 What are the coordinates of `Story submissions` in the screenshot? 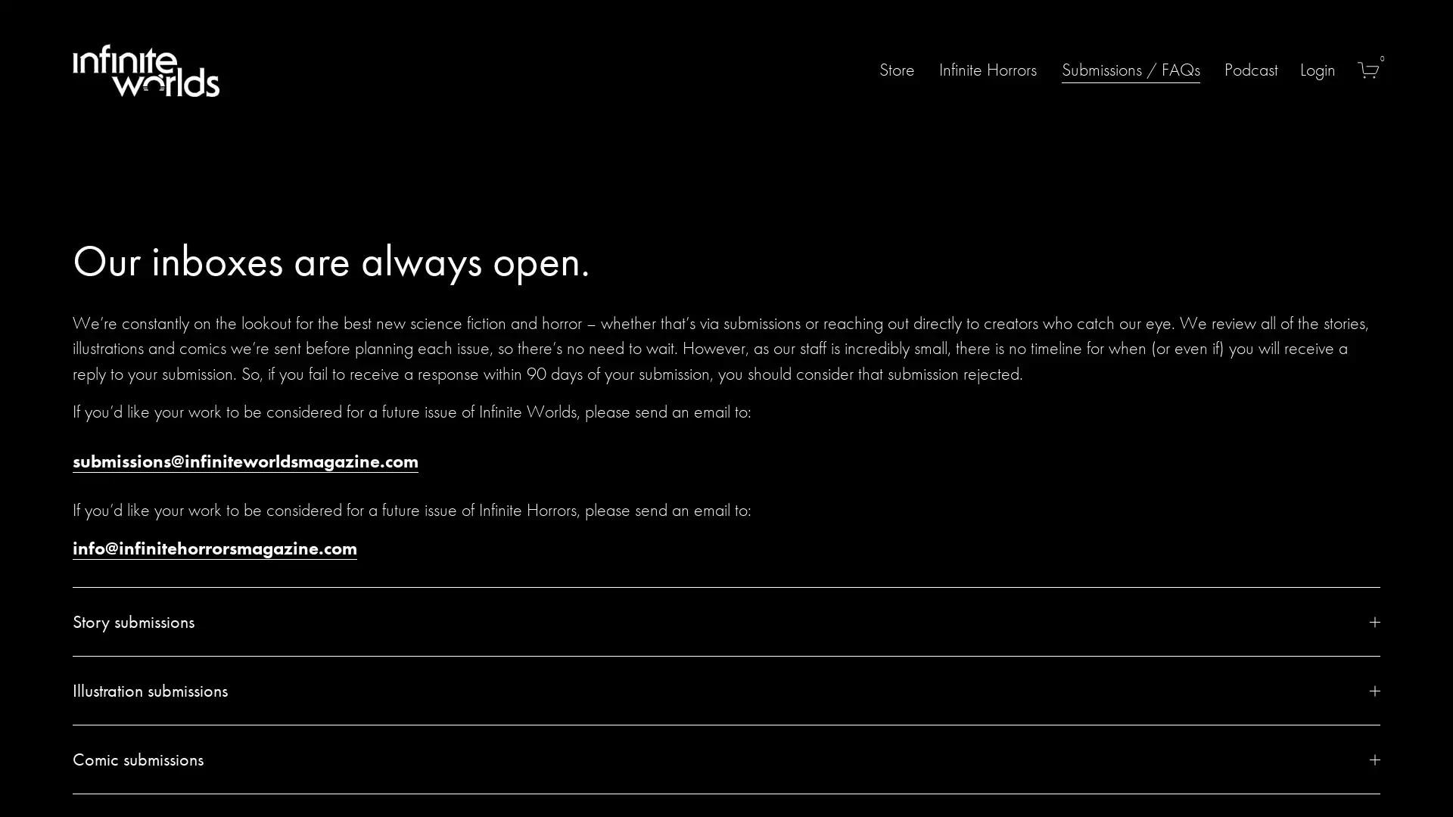 It's located at (726, 621).